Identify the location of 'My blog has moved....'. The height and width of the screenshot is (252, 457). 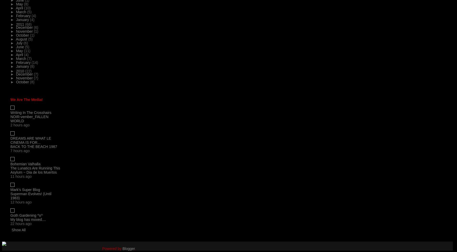
(28, 219).